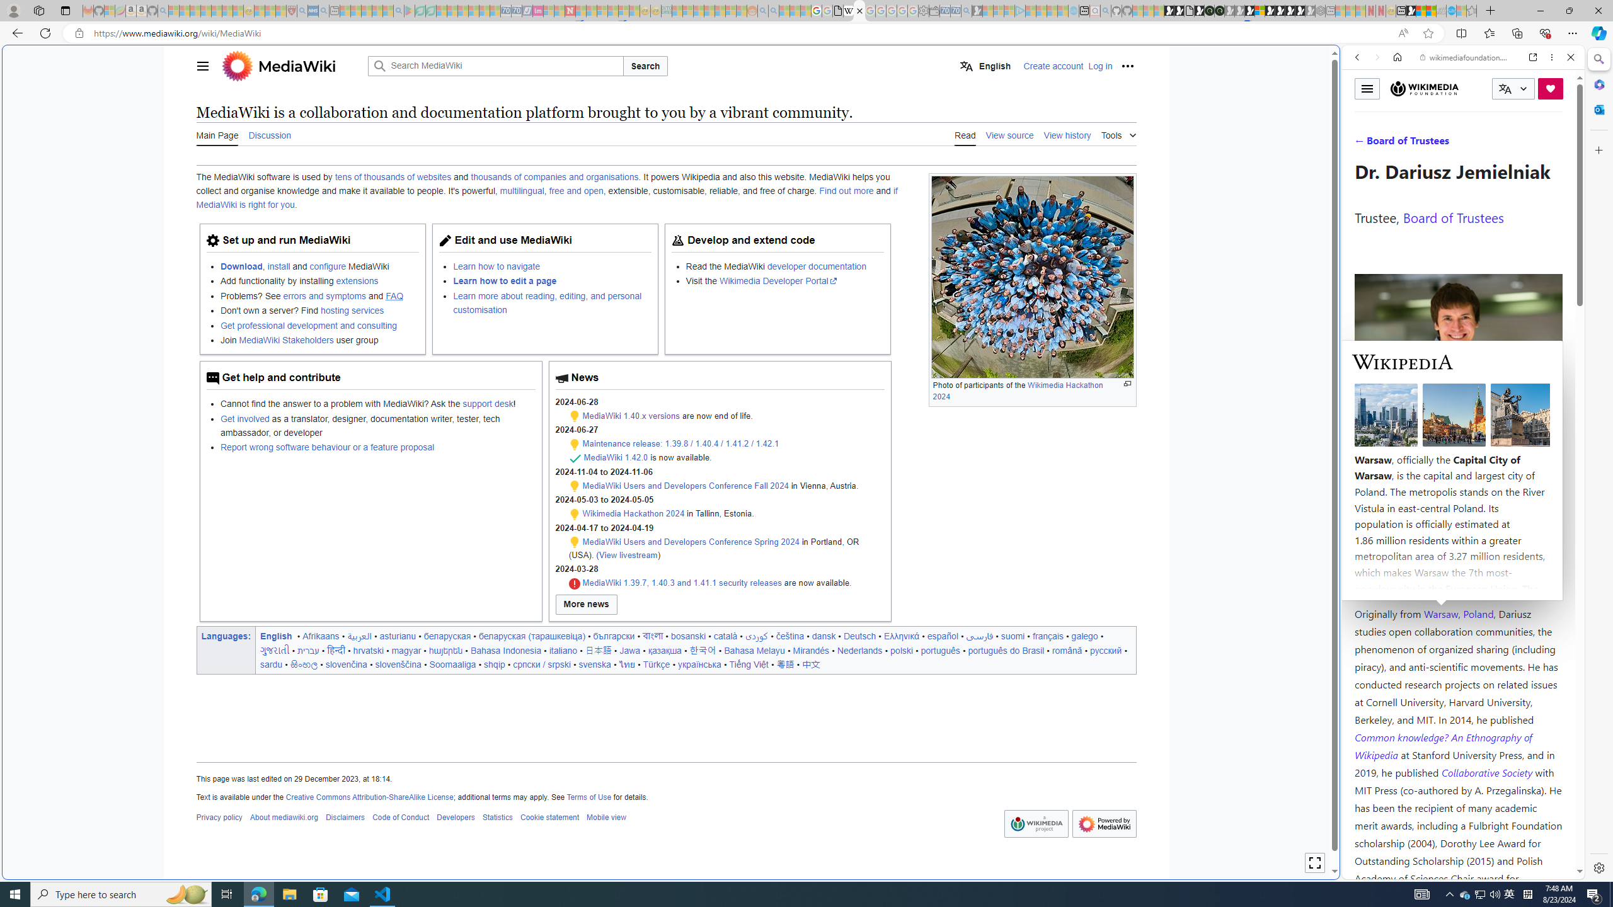 This screenshot has height=907, width=1613. I want to click on 'Class: i icon icon-translate language-switcher__icon', so click(1505, 89).